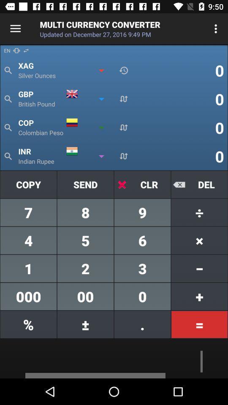 The width and height of the screenshot is (228, 405). I want to click on the search icon, so click(8, 70).